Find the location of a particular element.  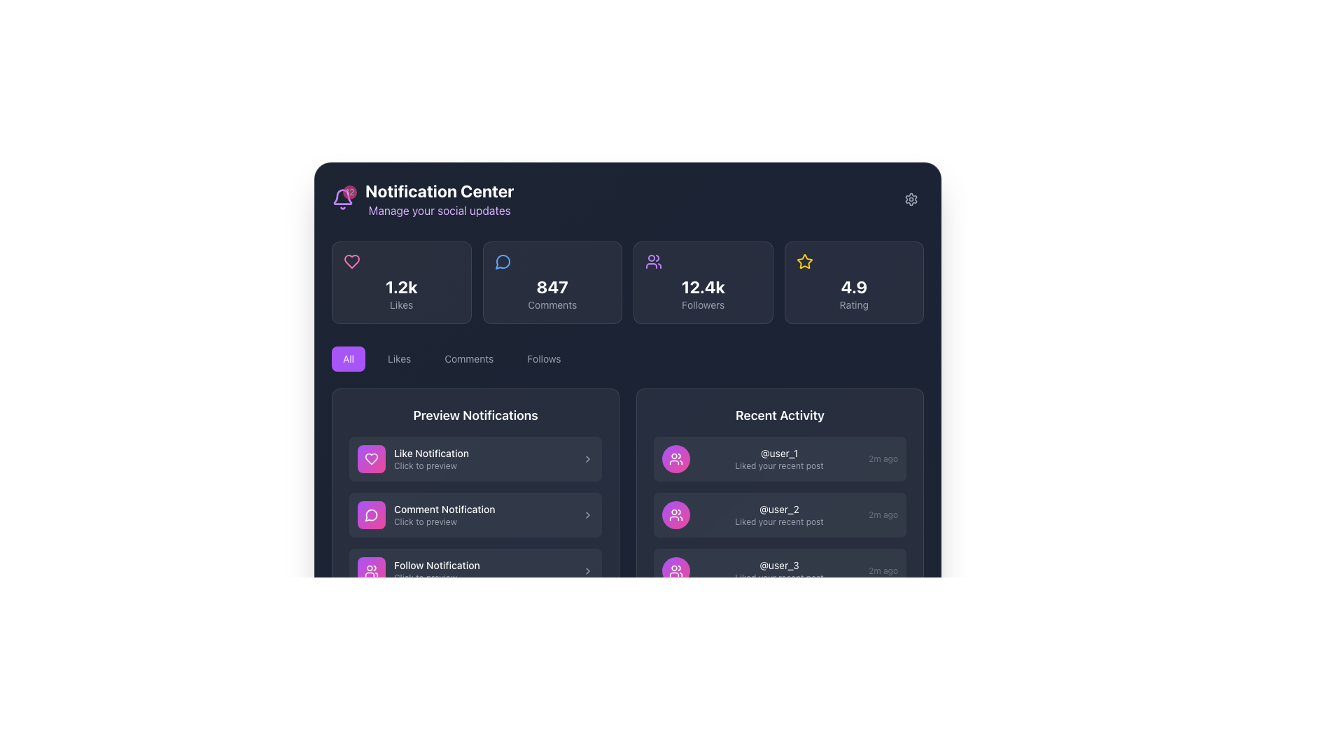

the 'Followers' icon, which visually represents the '12.4k Followers' metric located in the third position from the left in the top row of user count modules is located at coordinates (653, 262).